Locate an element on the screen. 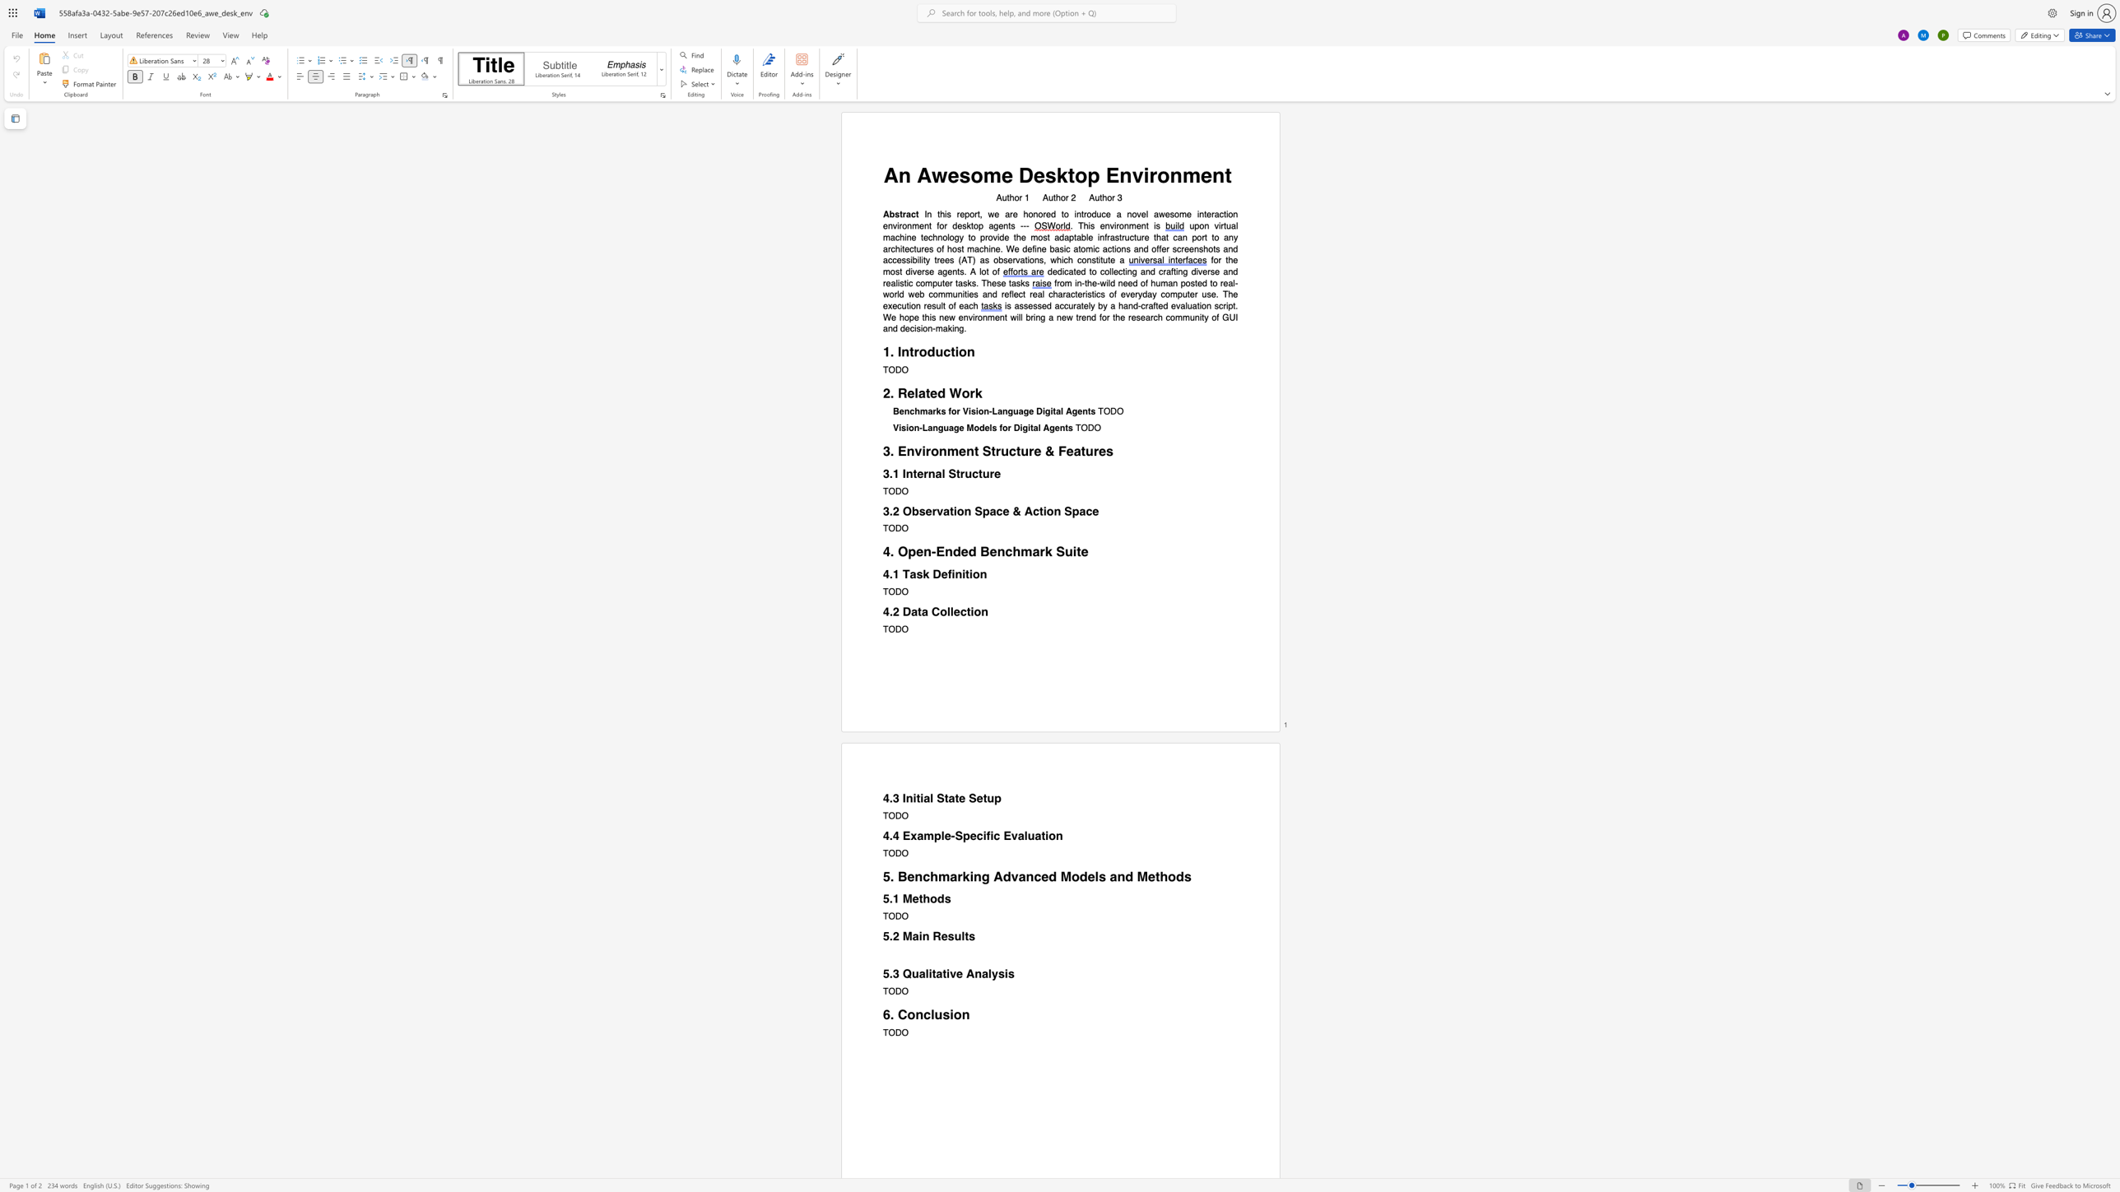  the space between the continuous character "n" and "c" in the text is located at coordinates (909, 411).